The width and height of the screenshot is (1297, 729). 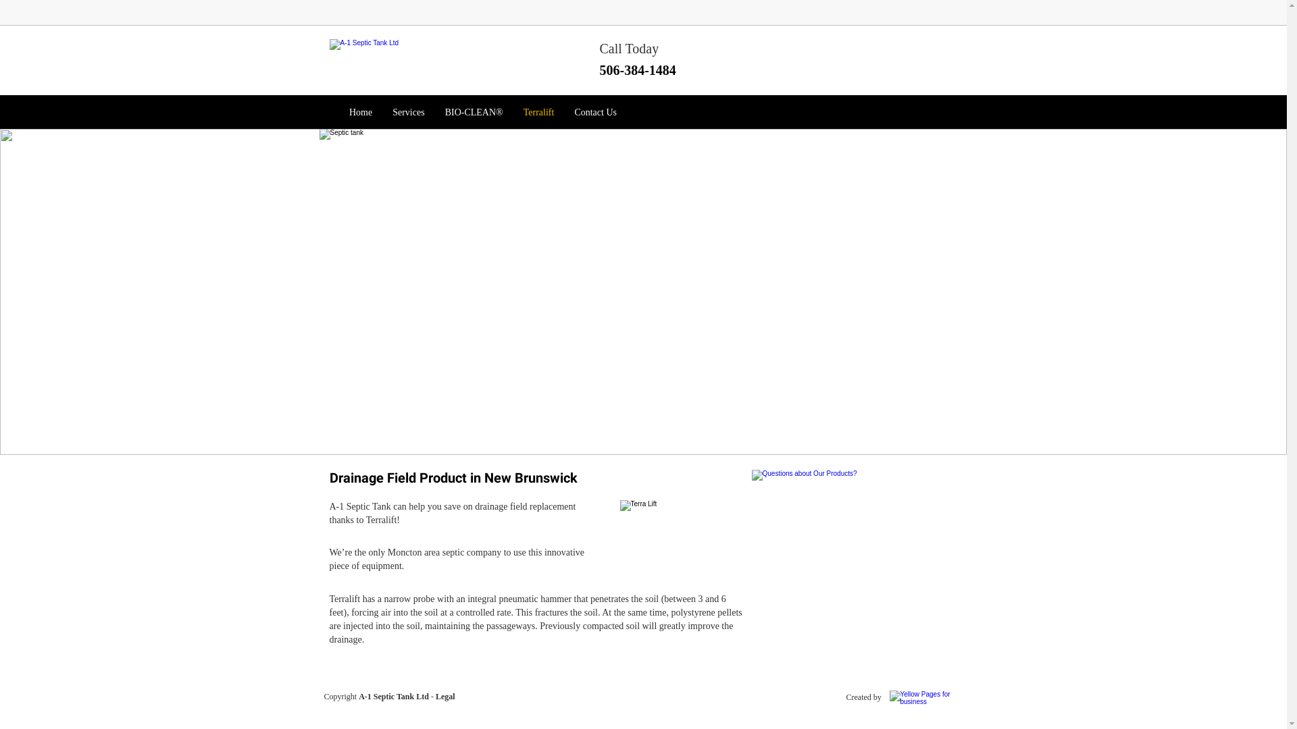 What do you see at coordinates (385, 111) in the screenshot?
I see `'Services'` at bounding box center [385, 111].